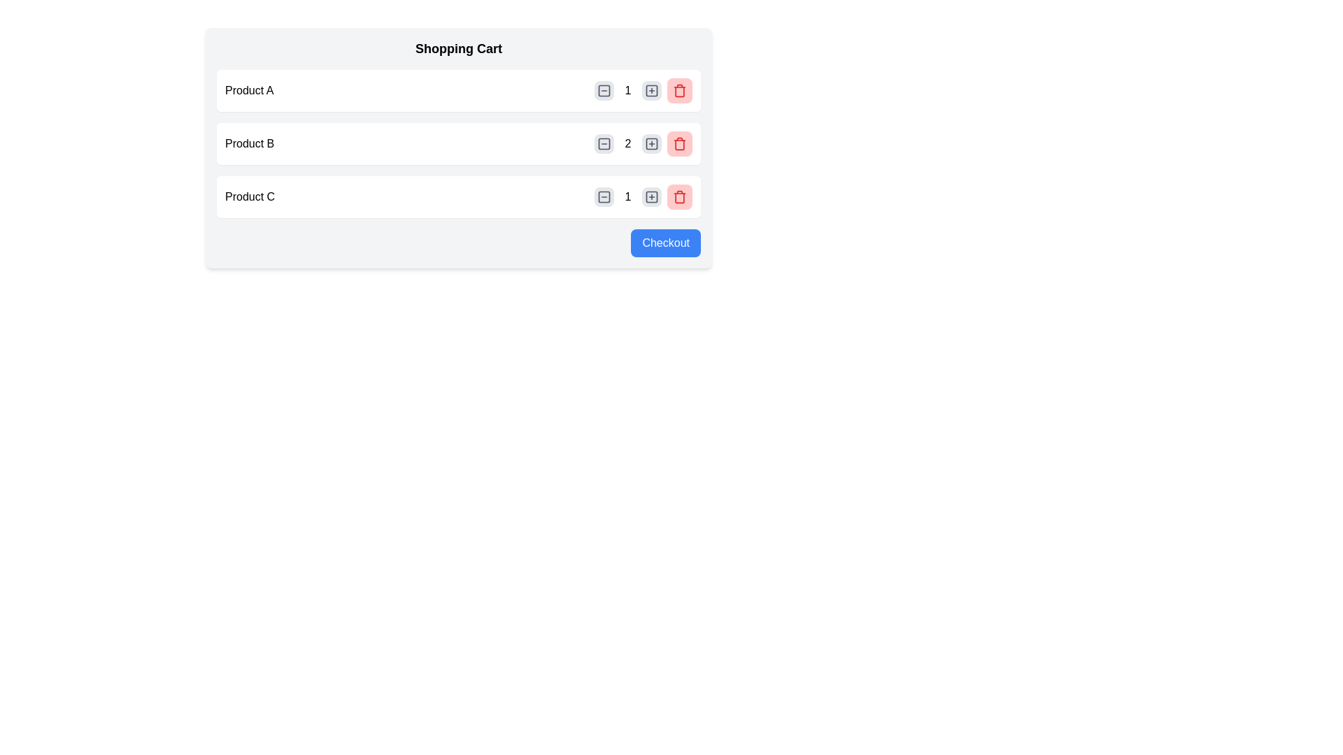 This screenshot has width=1343, height=755. Describe the element at coordinates (679, 92) in the screenshot. I see `the body of the trash bin icon located in the shopping cart interface` at that location.